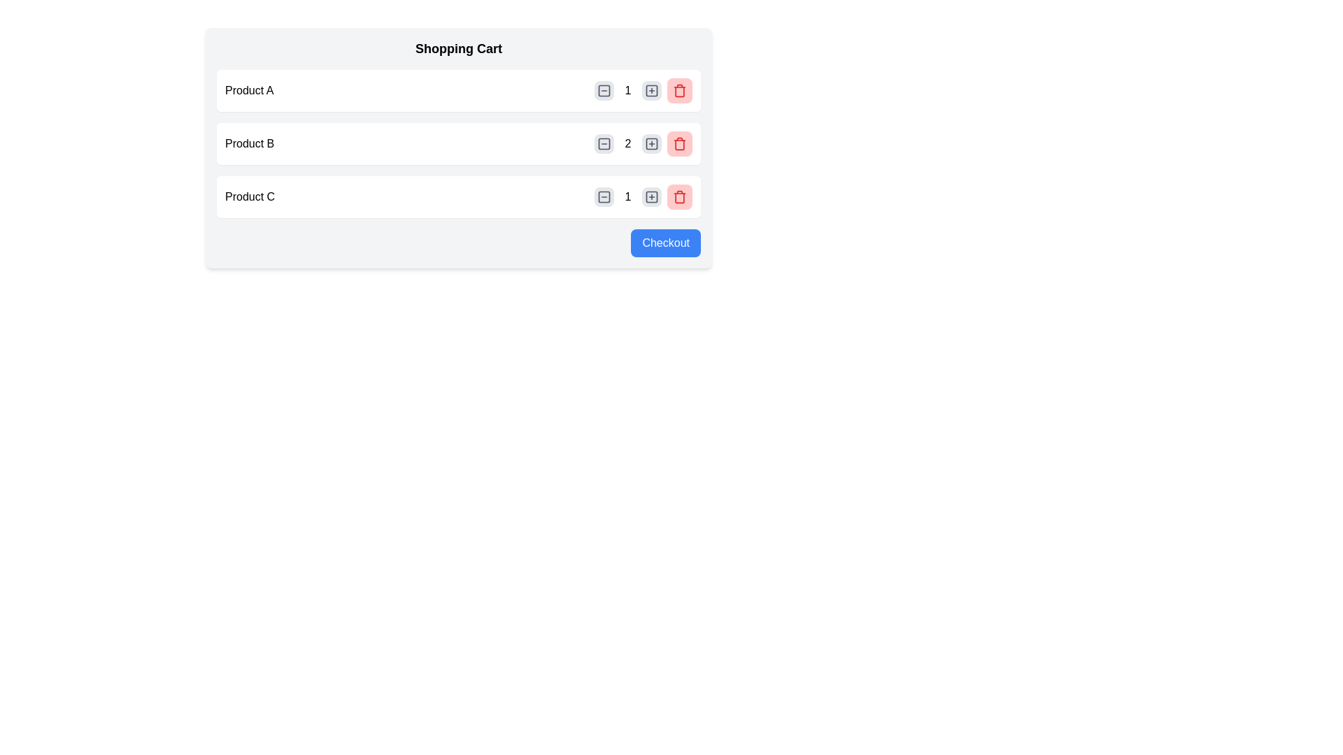 This screenshot has width=1343, height=755. Describe the element at coordinates (679, 92) in the screenshot. I see `the body of the trash bin icon located in the shopping cart interface` at that location.